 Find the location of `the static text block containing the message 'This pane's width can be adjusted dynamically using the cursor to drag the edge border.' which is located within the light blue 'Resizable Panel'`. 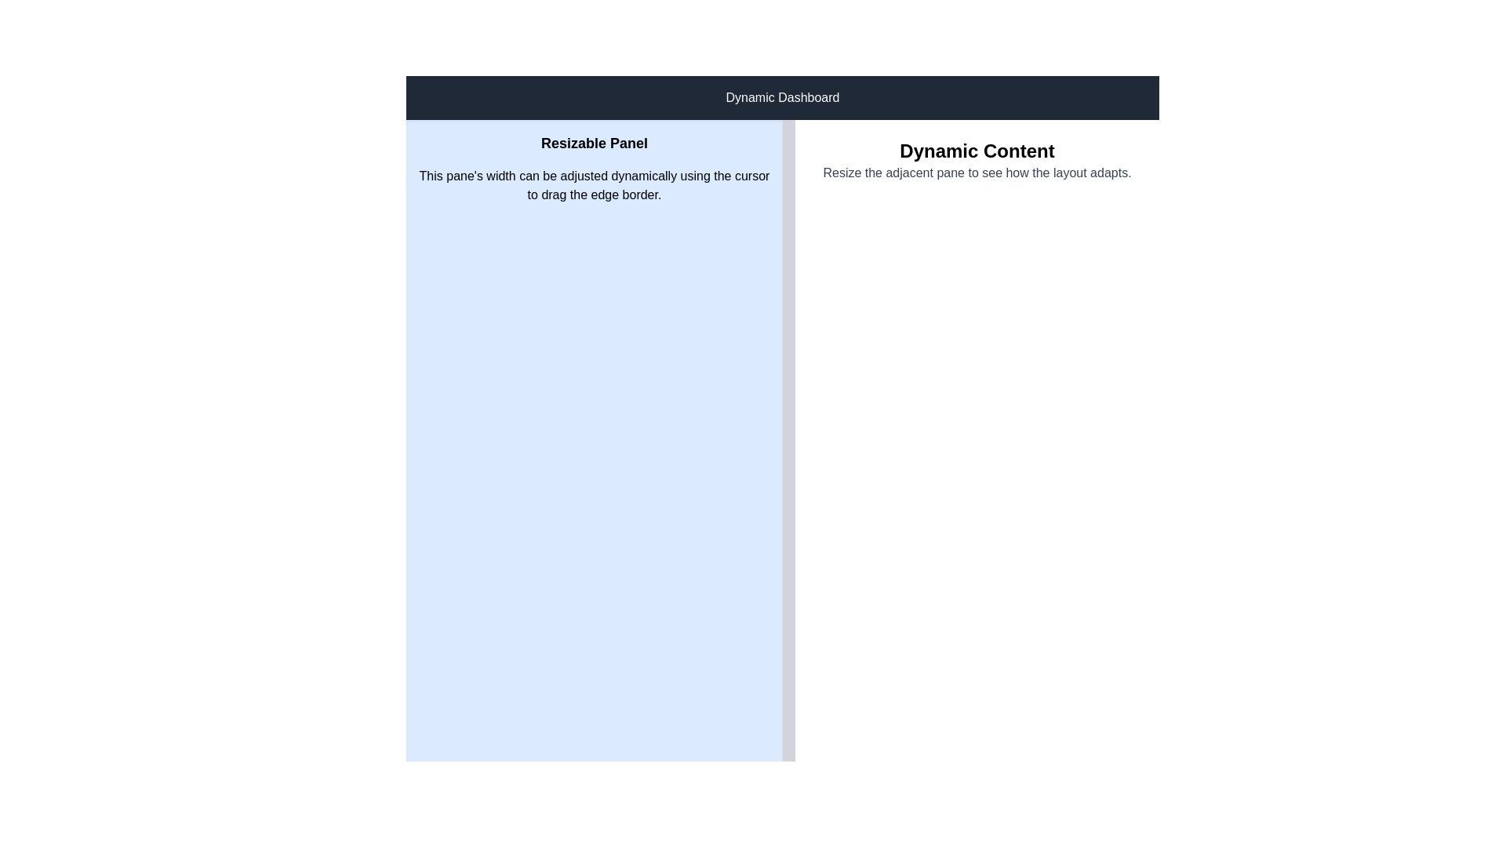

the static text block containing the message 'This pane's width can be adjusted dynamically using the cursor to drag the edge border.' which is located within the light blue 'Resizable Panel' is located at coordinates (594, 184).